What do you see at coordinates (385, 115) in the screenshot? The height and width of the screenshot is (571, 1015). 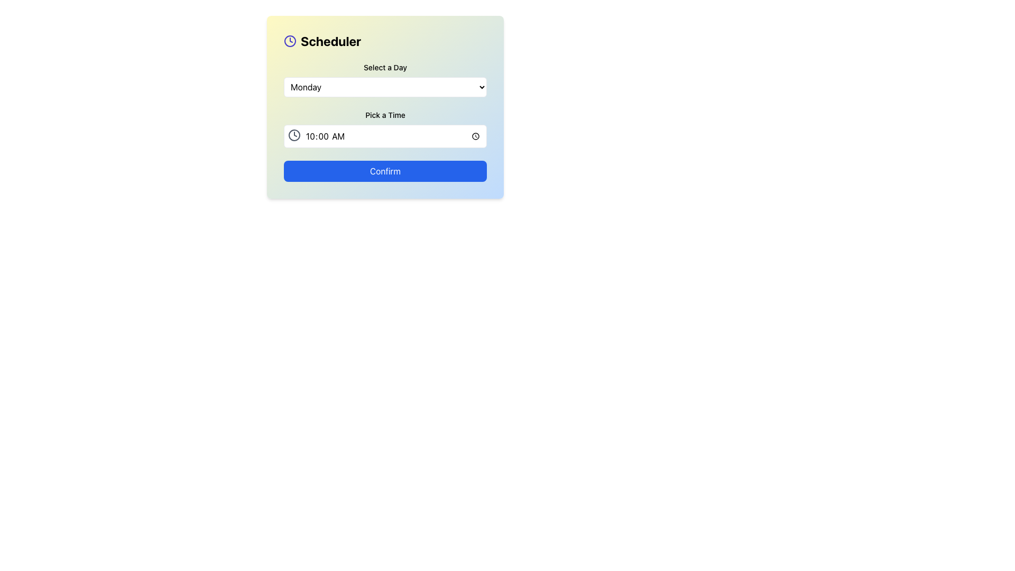 I see `text from the 'Pick a Time' label, which is styled in a small font size with medium weight, located in the scheduling section below the day dropdown input field and above the time selection field with a clock icon` at bounding box center [385, 115].